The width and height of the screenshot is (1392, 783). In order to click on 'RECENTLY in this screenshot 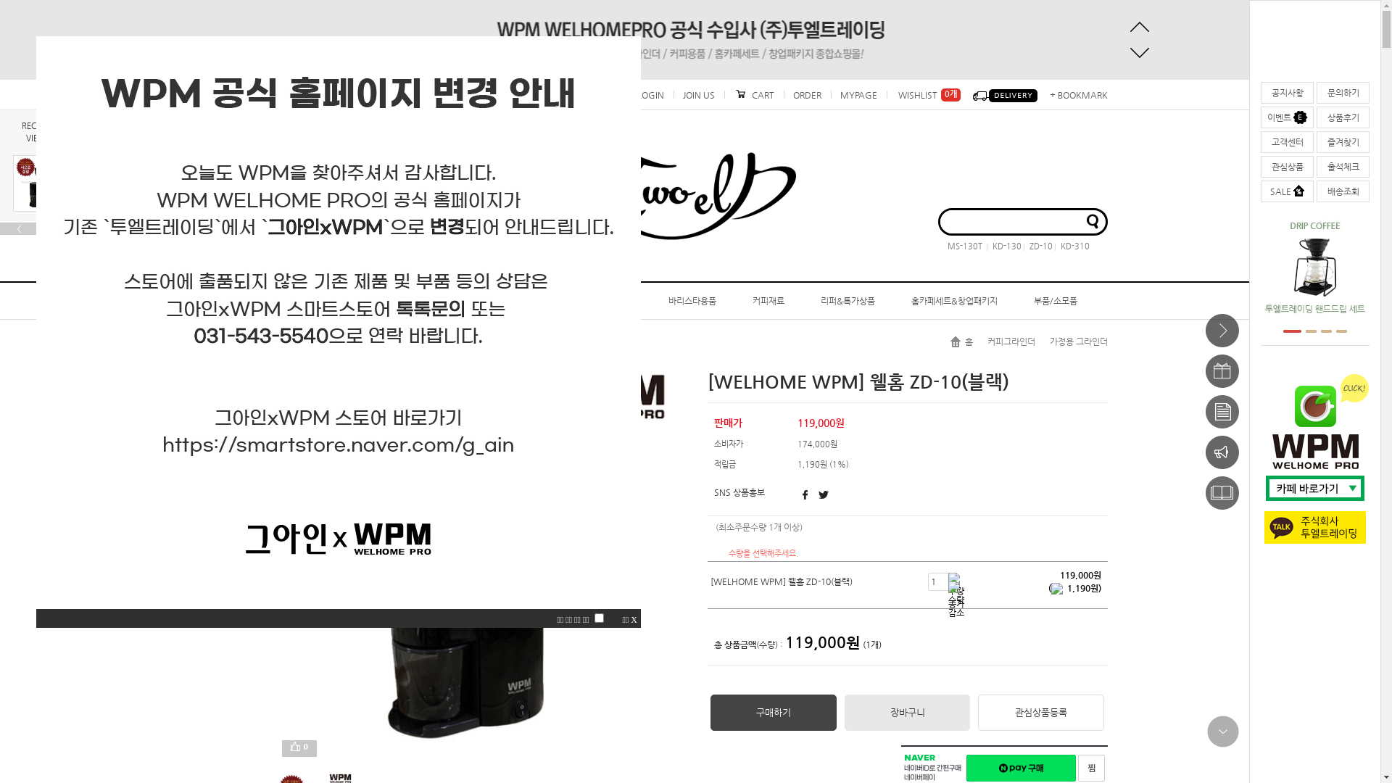, I will do `click(41, 131)`.